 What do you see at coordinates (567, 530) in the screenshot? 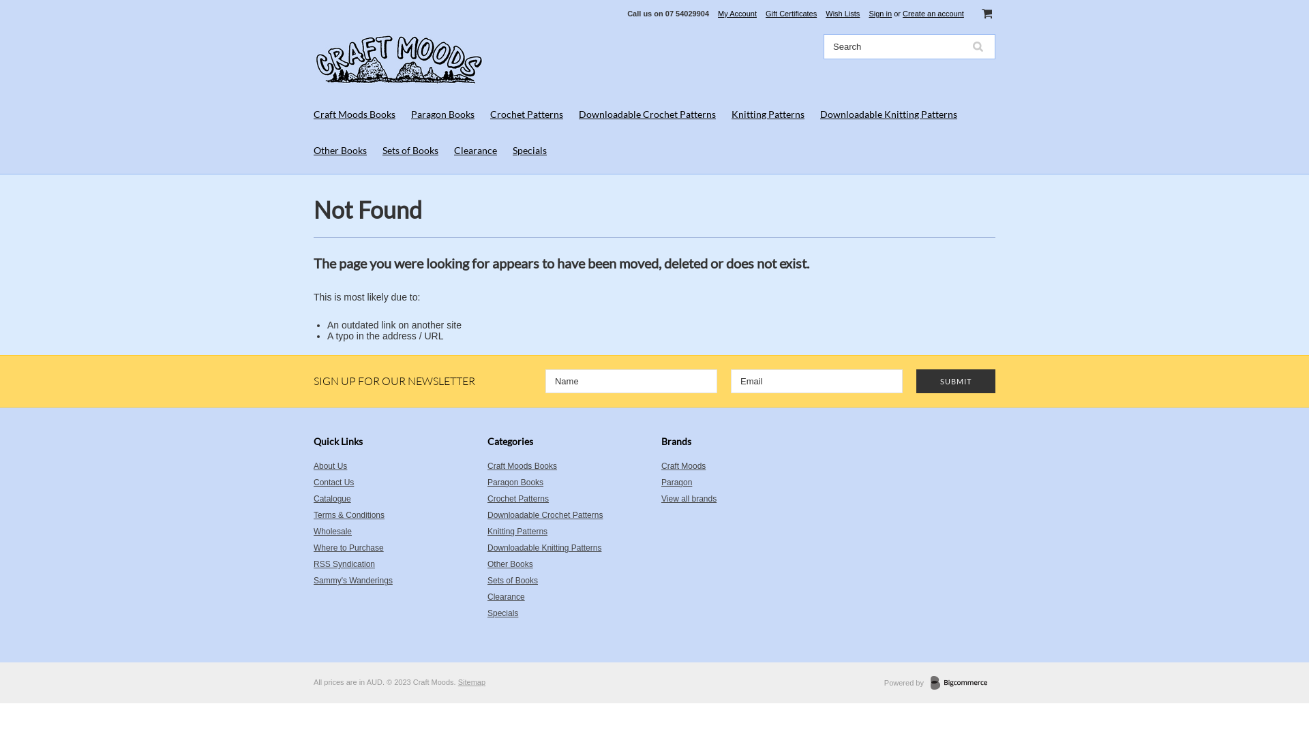
I see `'Knitting Patterns'` at bounding box center [567, 530].